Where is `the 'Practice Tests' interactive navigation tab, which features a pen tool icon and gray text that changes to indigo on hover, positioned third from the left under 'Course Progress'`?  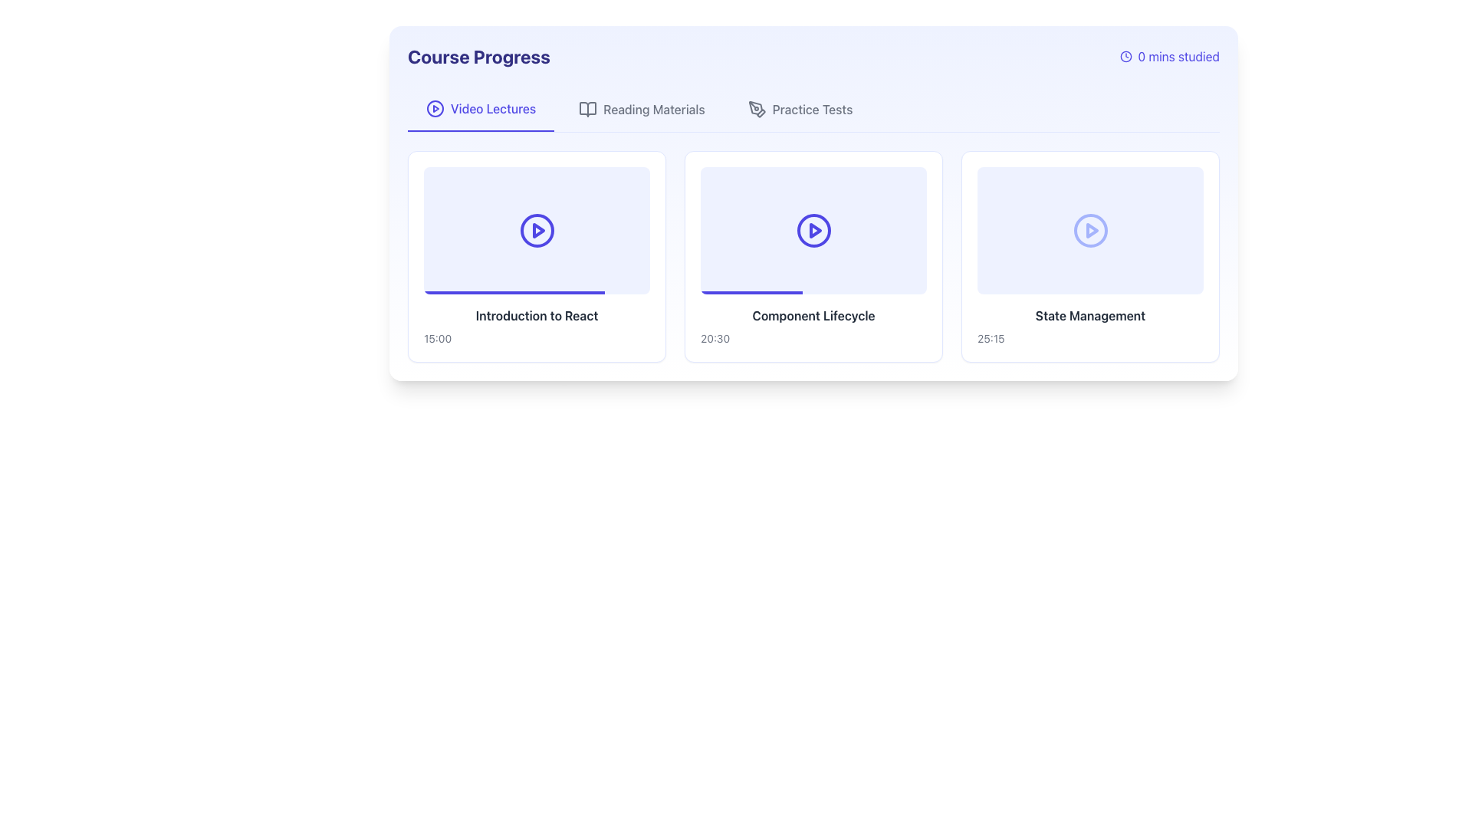
the 'Practice Tests' interactive navigation tab, which features a pen tool icon and gray text that changes to indigo on hover, positioned third from the left under 'Course Progress' is located at coordinates (800, 108).